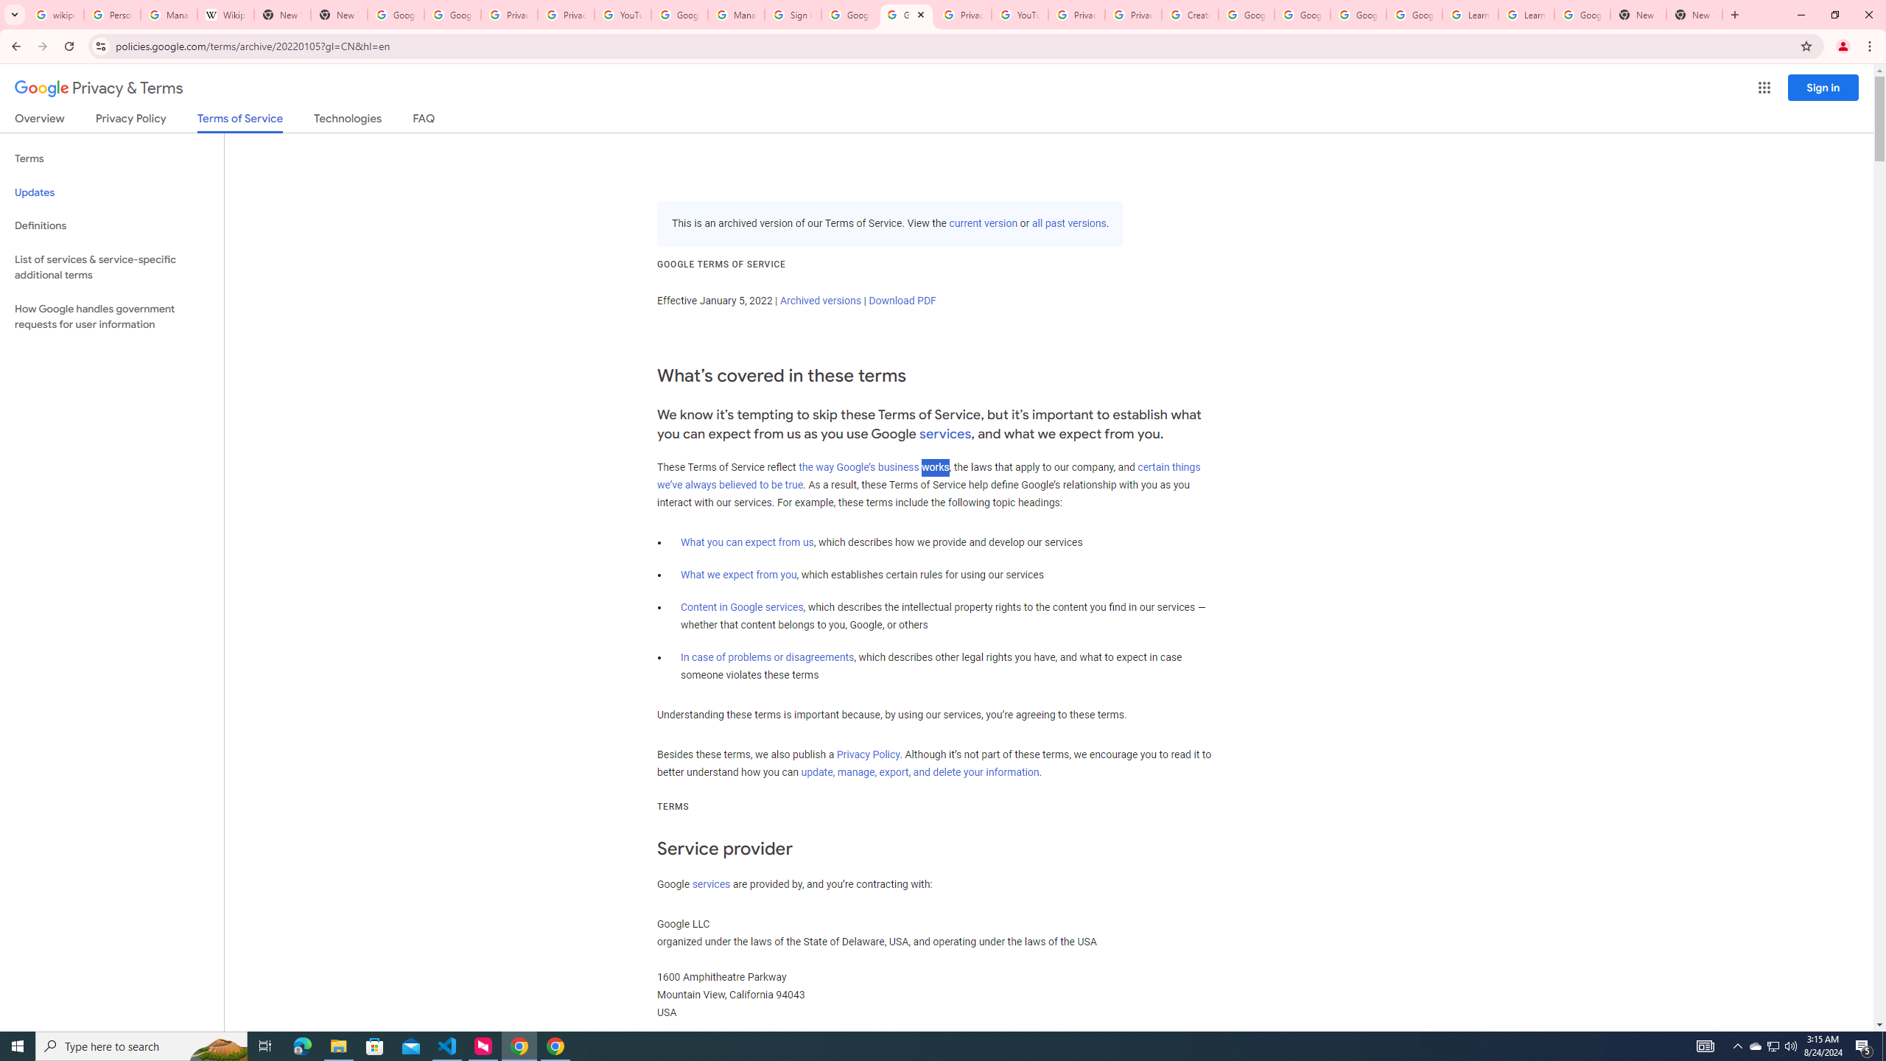 Image resolution: width=1886 pixels, height=1061 pixels. Describe the element at coordinates (748, 542) in the screenshot. I see `'What you can expect from us'` at that location.